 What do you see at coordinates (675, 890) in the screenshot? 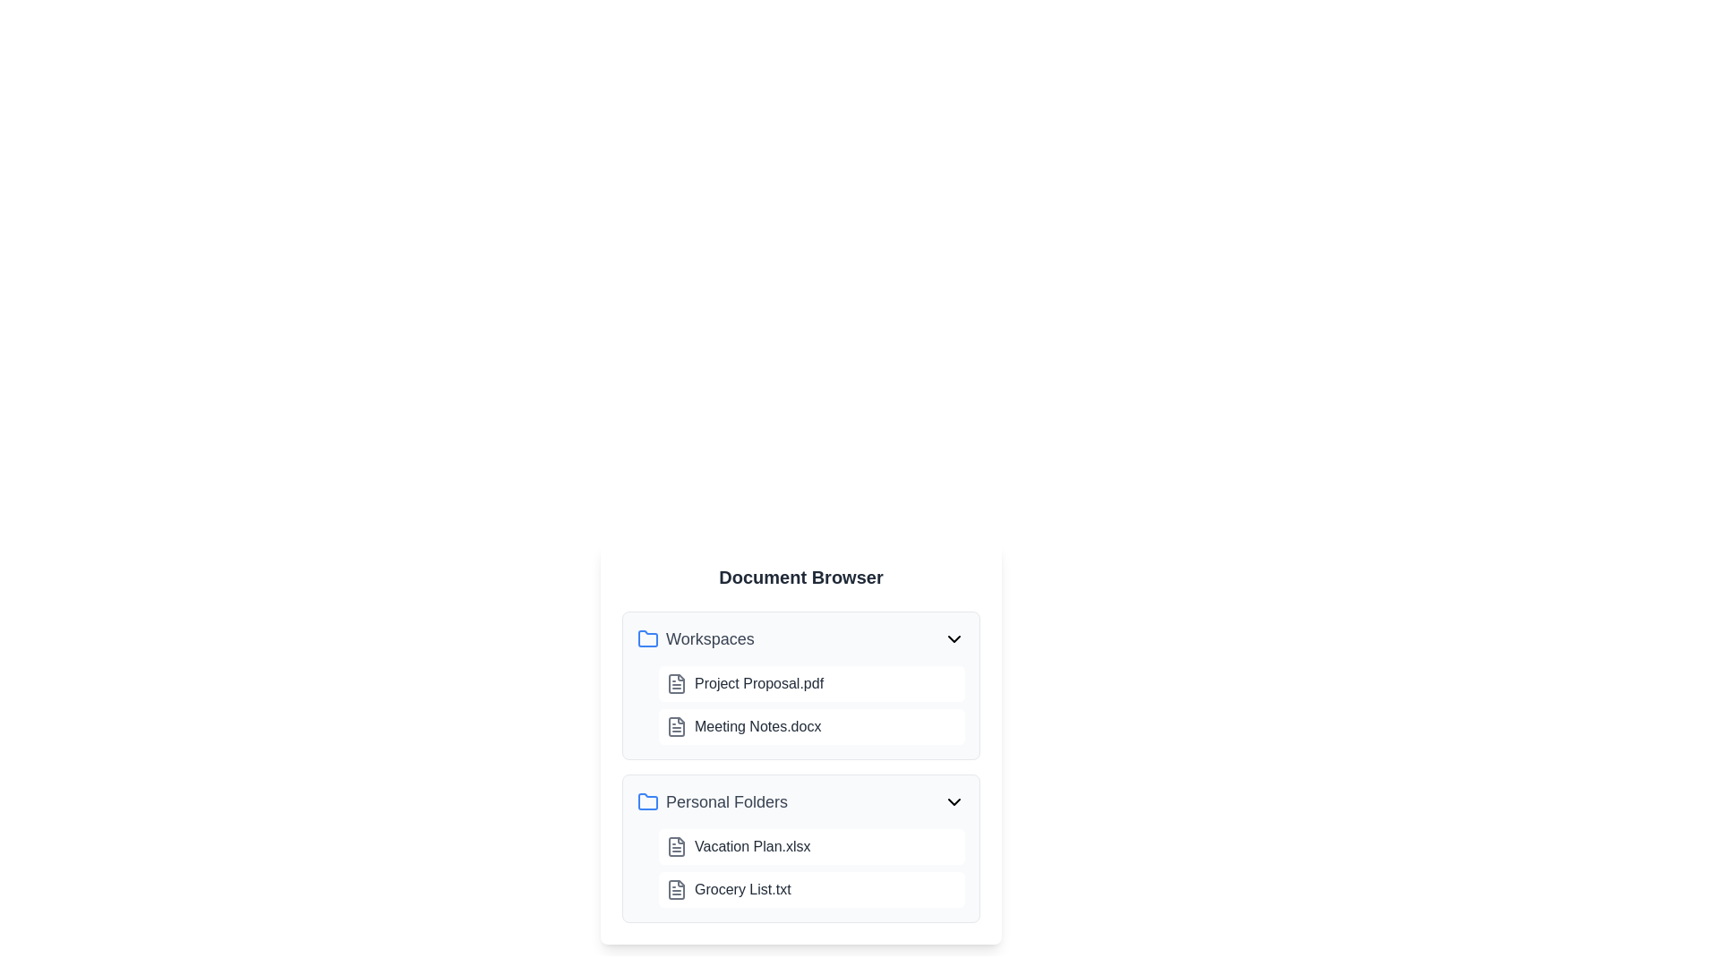
I see `the document file icon element` at bounding box center [675, 890].